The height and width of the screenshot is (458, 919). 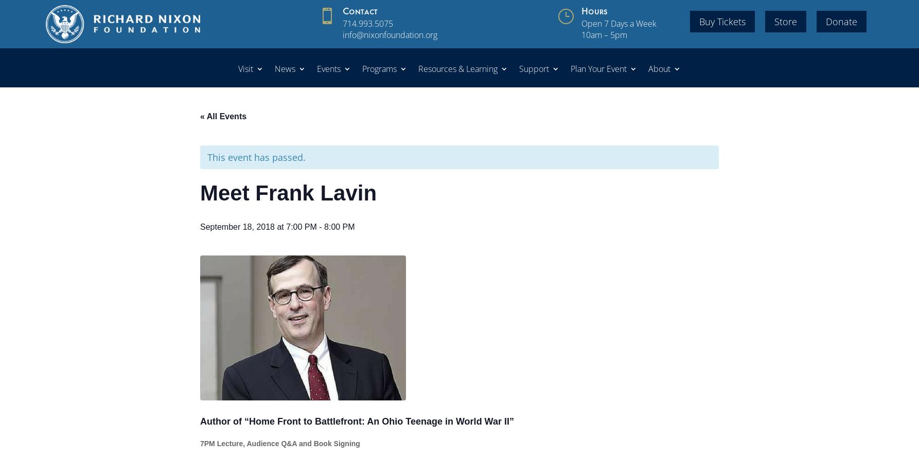 I want to click on 'Research Guide', so click(x=463, y=170).